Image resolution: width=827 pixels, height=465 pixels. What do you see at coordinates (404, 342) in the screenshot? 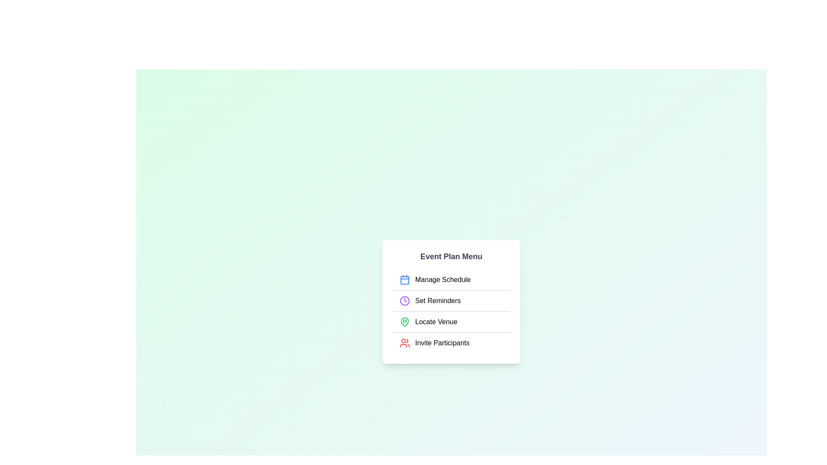
I see `the menu item Invite Participants to inspect its associated icon` at bounding box center [404, 342].